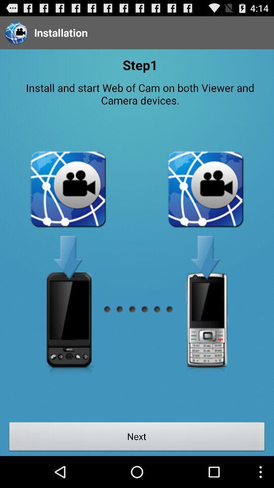 This screenshot has width=274, height=488. Describe the element at coordinates (137, 437) in the screenshot. I see `the icon at the bottom` at that location.